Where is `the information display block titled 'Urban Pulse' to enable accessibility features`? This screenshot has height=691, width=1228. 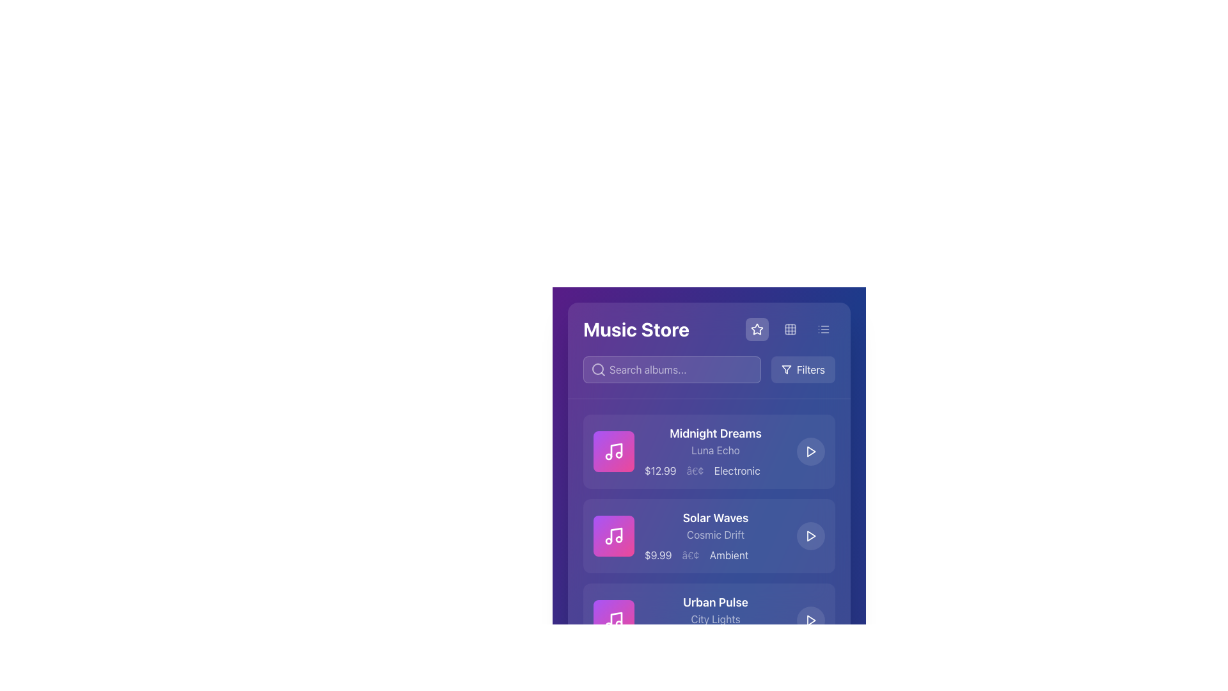 the information display block titled 'Urban Pulse' to enable accessibility features is located at coordinates (714, 619).